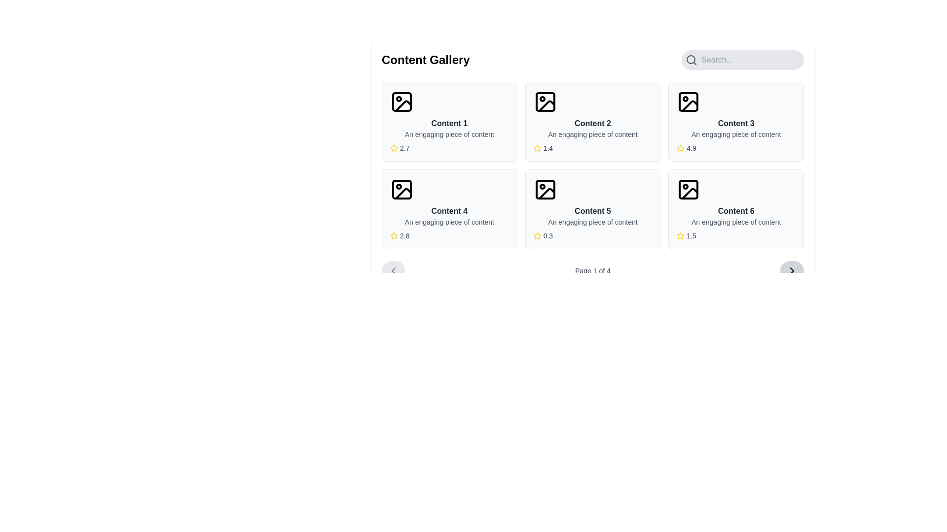 Image resolution: width=947 pixels, height=532 pixels. Describe the element at coordinates (547, 235) in the screenshot. I see `the text label displaying the value '0.3' in gray color, which is adjacent to the yellow star icon for 'Content 5'` at that location.